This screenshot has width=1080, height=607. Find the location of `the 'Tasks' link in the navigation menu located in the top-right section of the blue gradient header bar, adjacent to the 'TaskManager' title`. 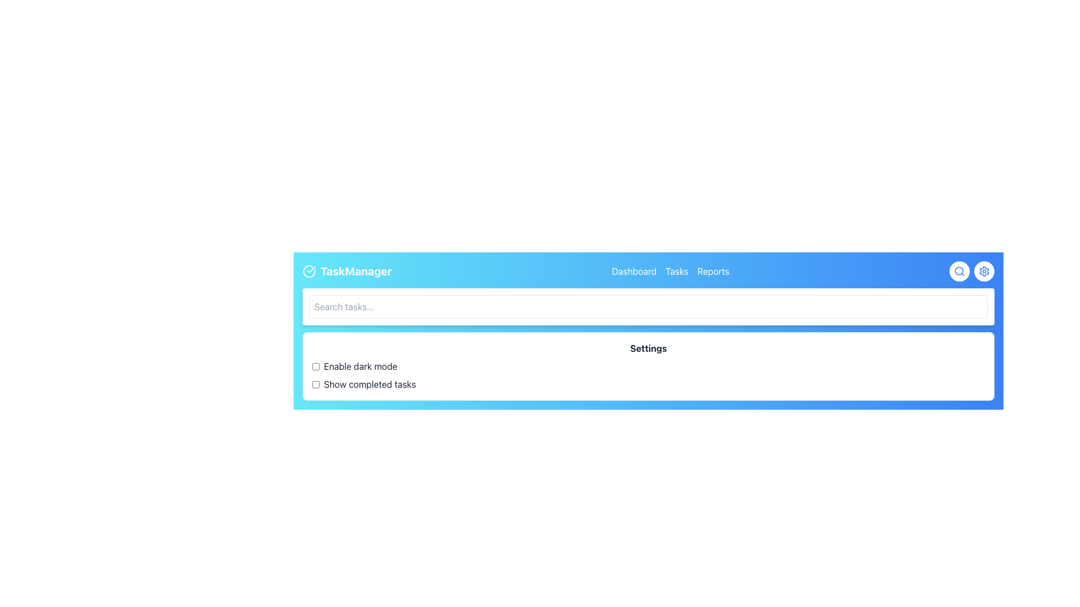

the 'Tasks' link in the navigation menu located in the top-right section of the blue gradient header bar, adjacent to the 'TaskManager' title is located at coordinates (670, 271).